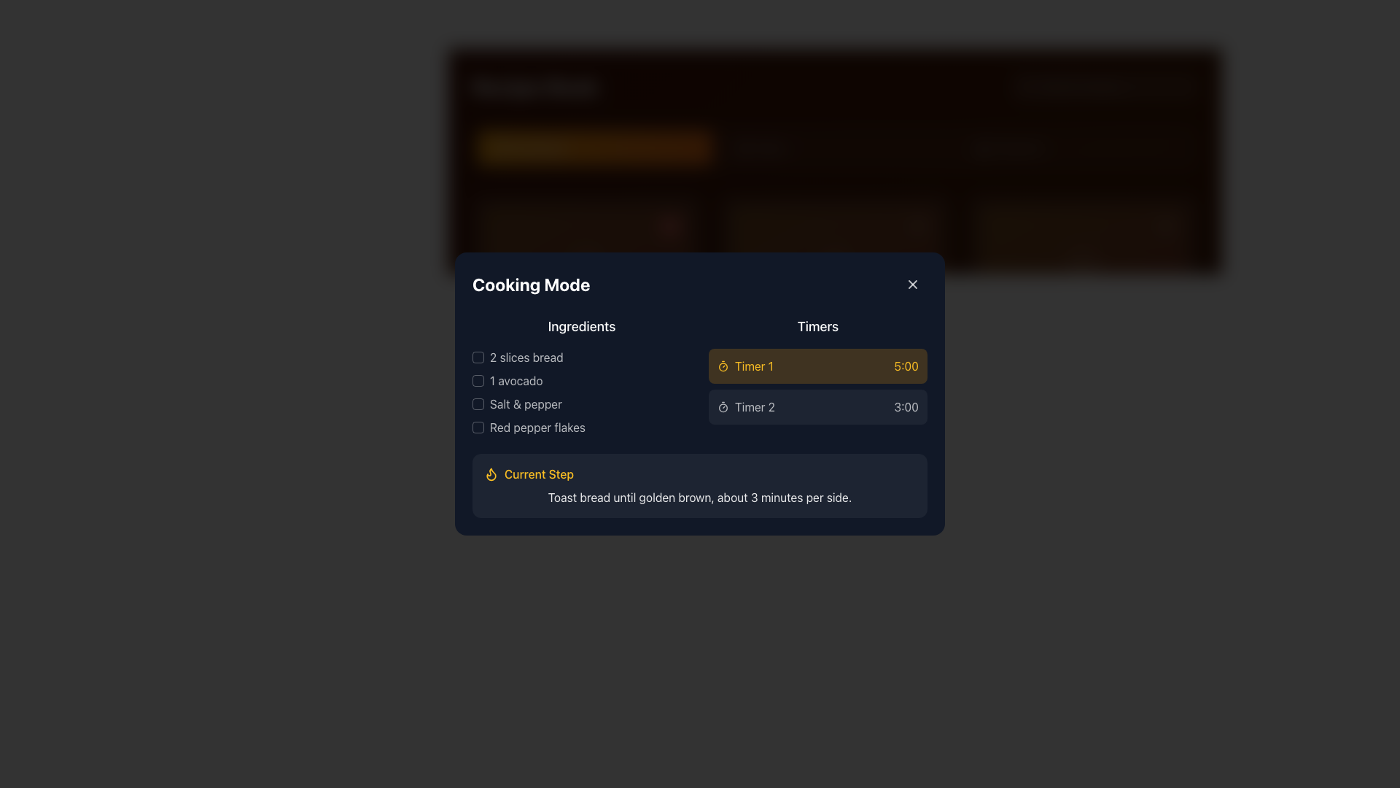  Describe the element at coordinates (903, 344) in the screenshot. I see `the state of the timer icon located in the 'Timers' section, adjacent to 'Timer 1' and the timer value '5:00'` at that location.